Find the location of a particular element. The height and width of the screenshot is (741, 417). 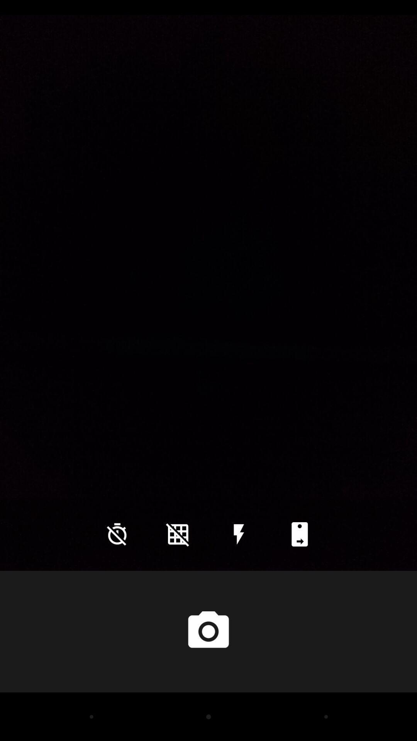

the time icon is located at coordinates (117, 534).